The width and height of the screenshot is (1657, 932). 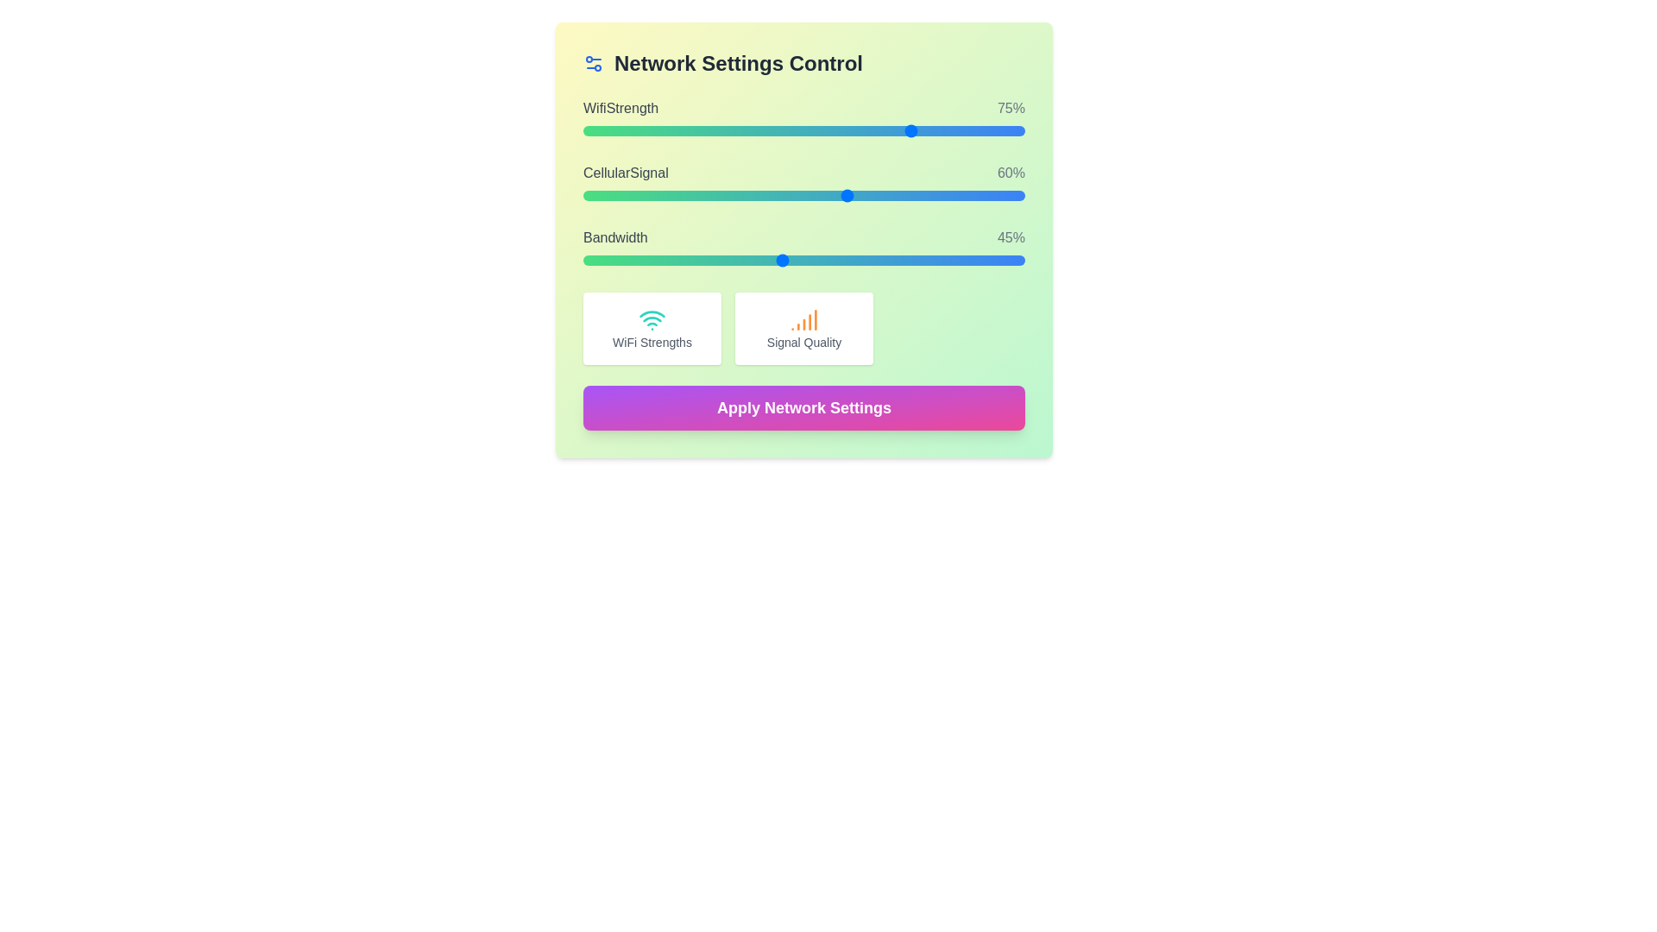 What do you see at coordinates (803, 343) in the screenshot?
I see `the Text label that describes the context of 'Signal Quality', positioned in the bottom-right section of the interface below an orange signal icon` at bounding box center [803, 343].